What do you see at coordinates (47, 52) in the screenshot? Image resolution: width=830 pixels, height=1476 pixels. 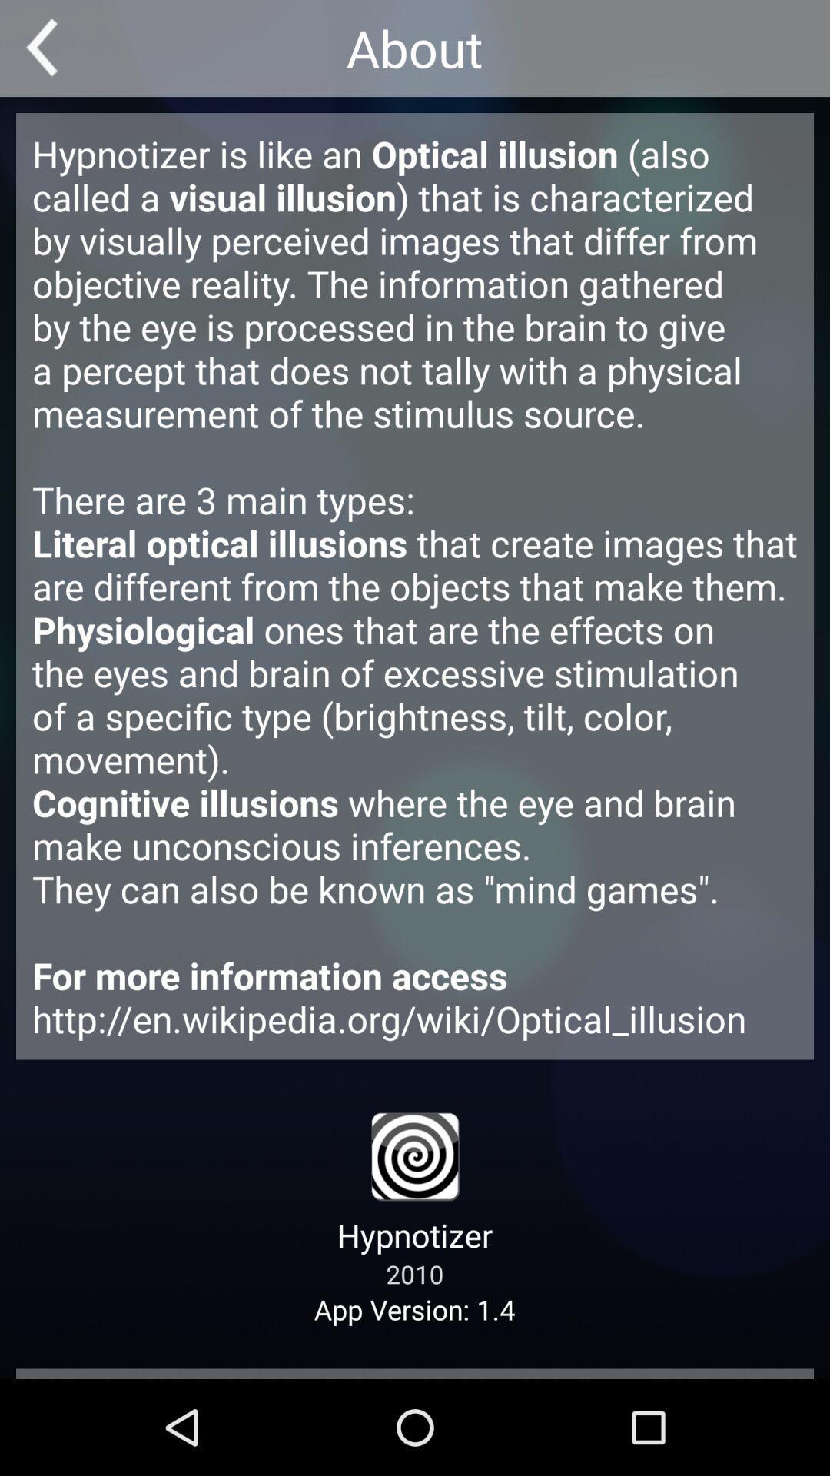 I see `the arrow_backward icon` at bounding box center [47, 52].